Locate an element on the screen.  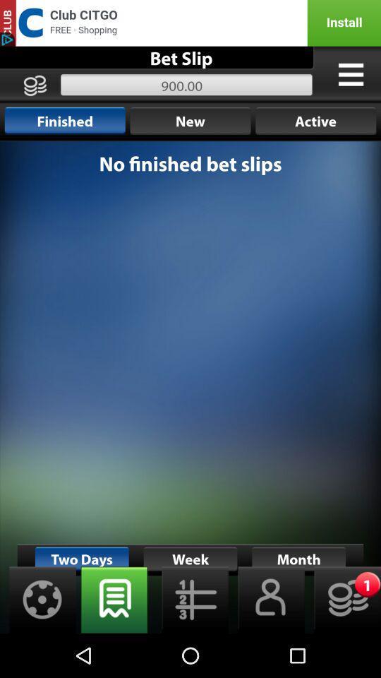
week is located at coordinates (114, 599).